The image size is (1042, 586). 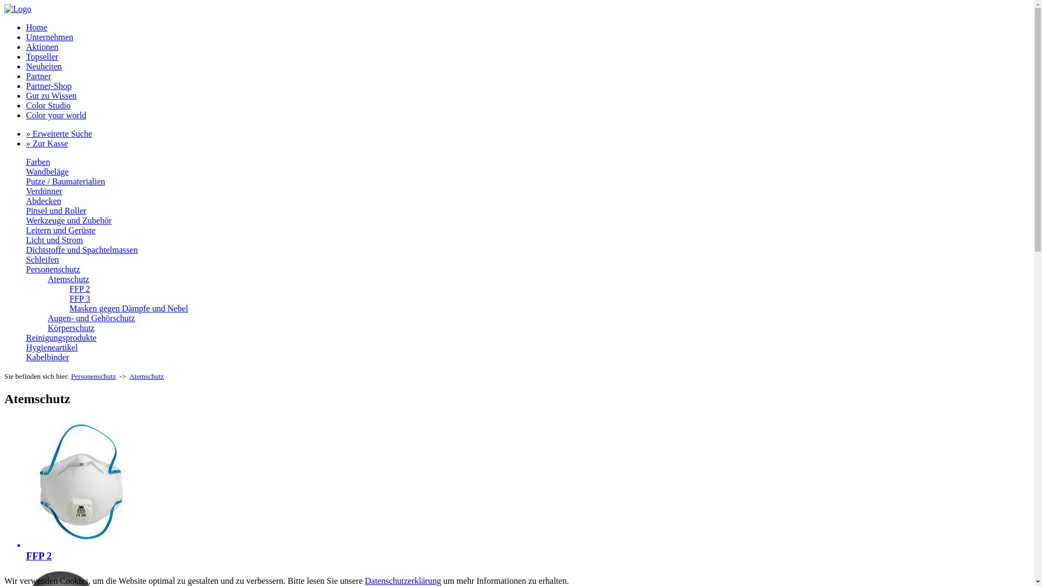 What do you see at coordinates (81, 250) in the screenshot?
I see `'Dichtstoffe und Spachtelmassen'` at bounding box center [81, 250].